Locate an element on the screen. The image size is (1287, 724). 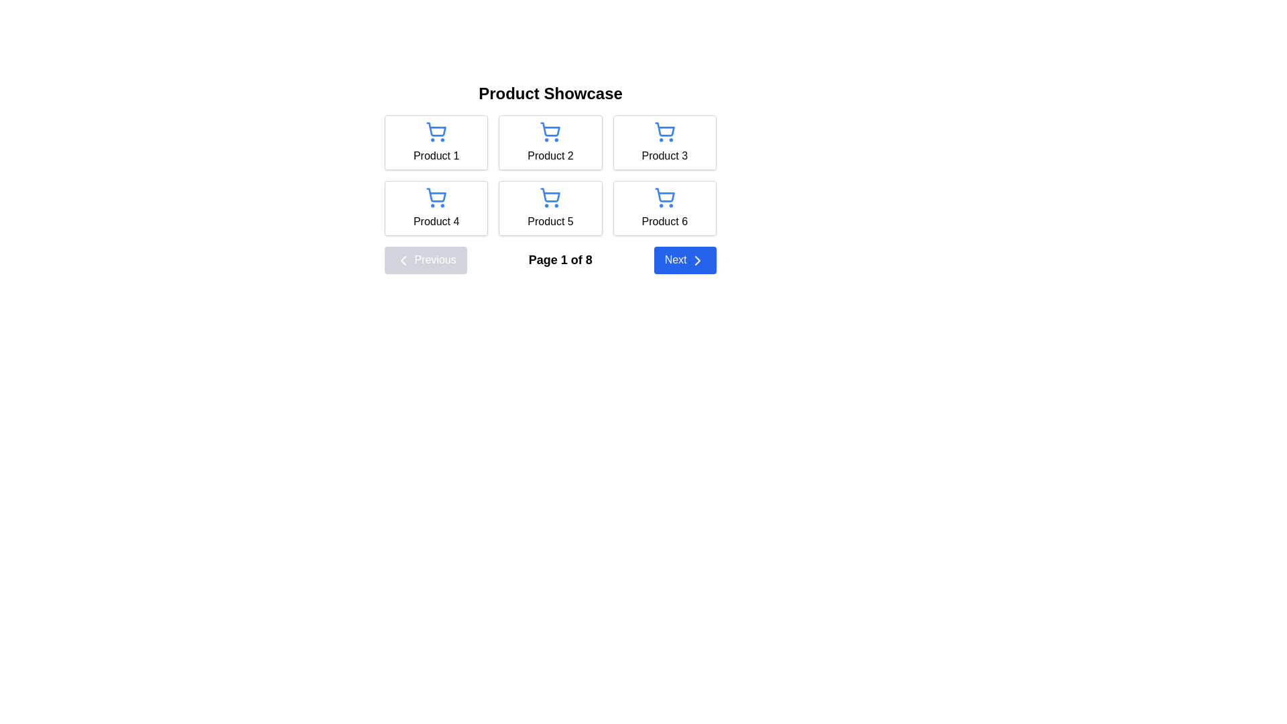
the prominent, bold, and centered title text 'Product Showcase' located at the top-center of the product showcase section is located at coordinates (550, 93).